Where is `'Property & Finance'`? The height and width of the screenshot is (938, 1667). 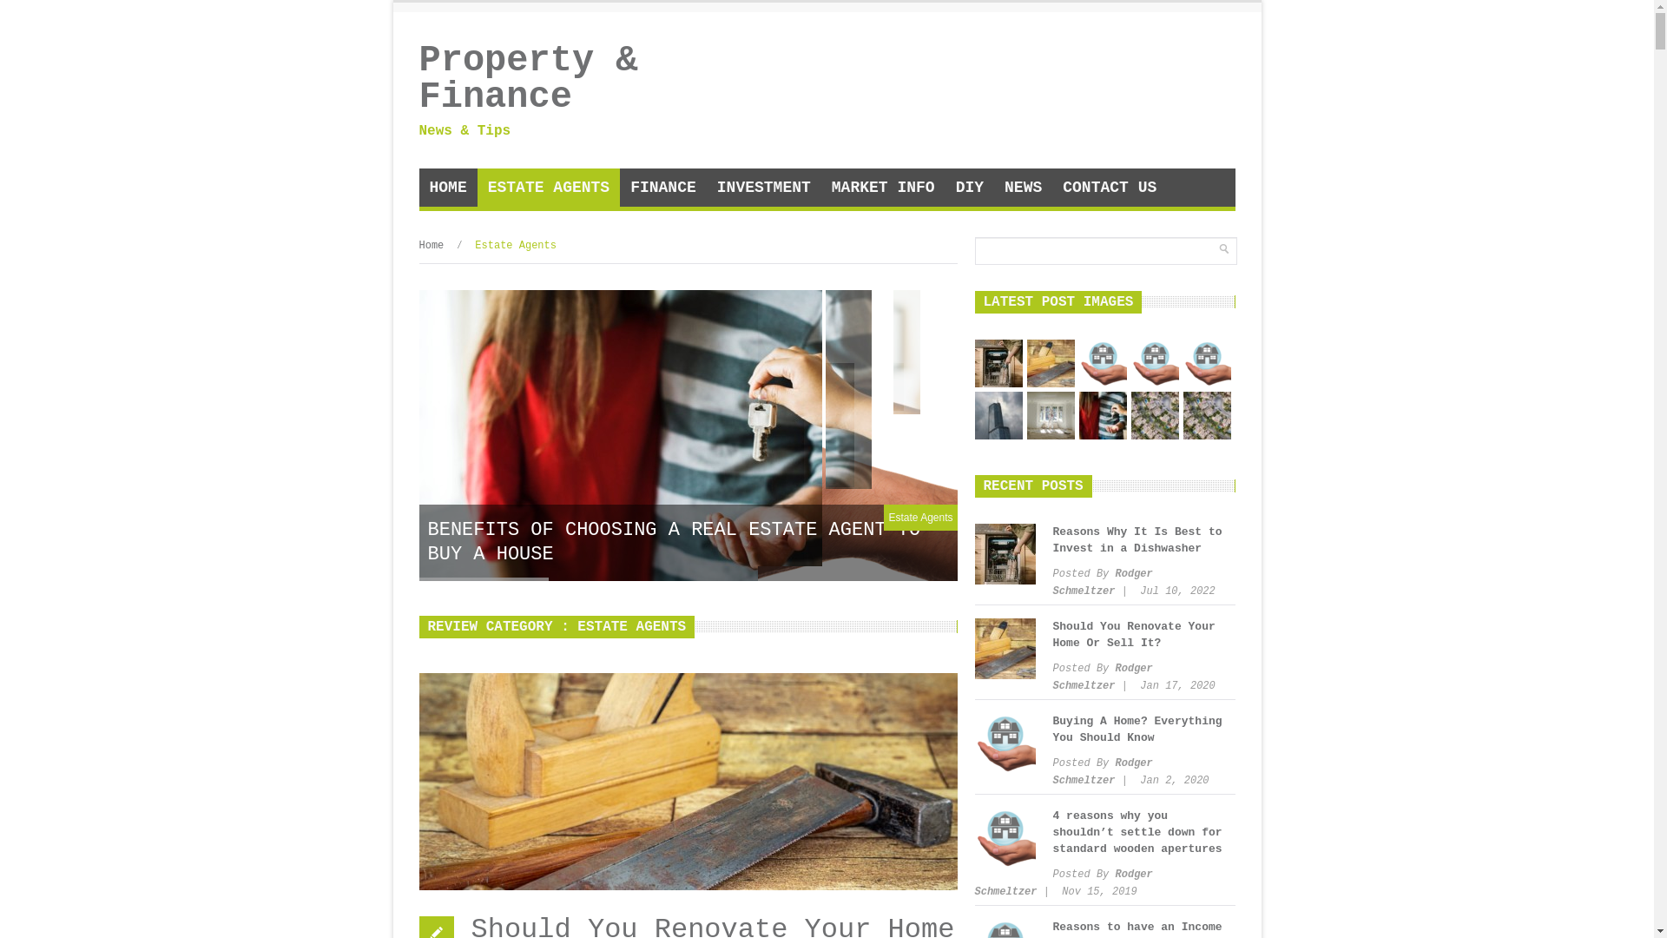
'Property & Finance' is located at coordinates (548, 79).